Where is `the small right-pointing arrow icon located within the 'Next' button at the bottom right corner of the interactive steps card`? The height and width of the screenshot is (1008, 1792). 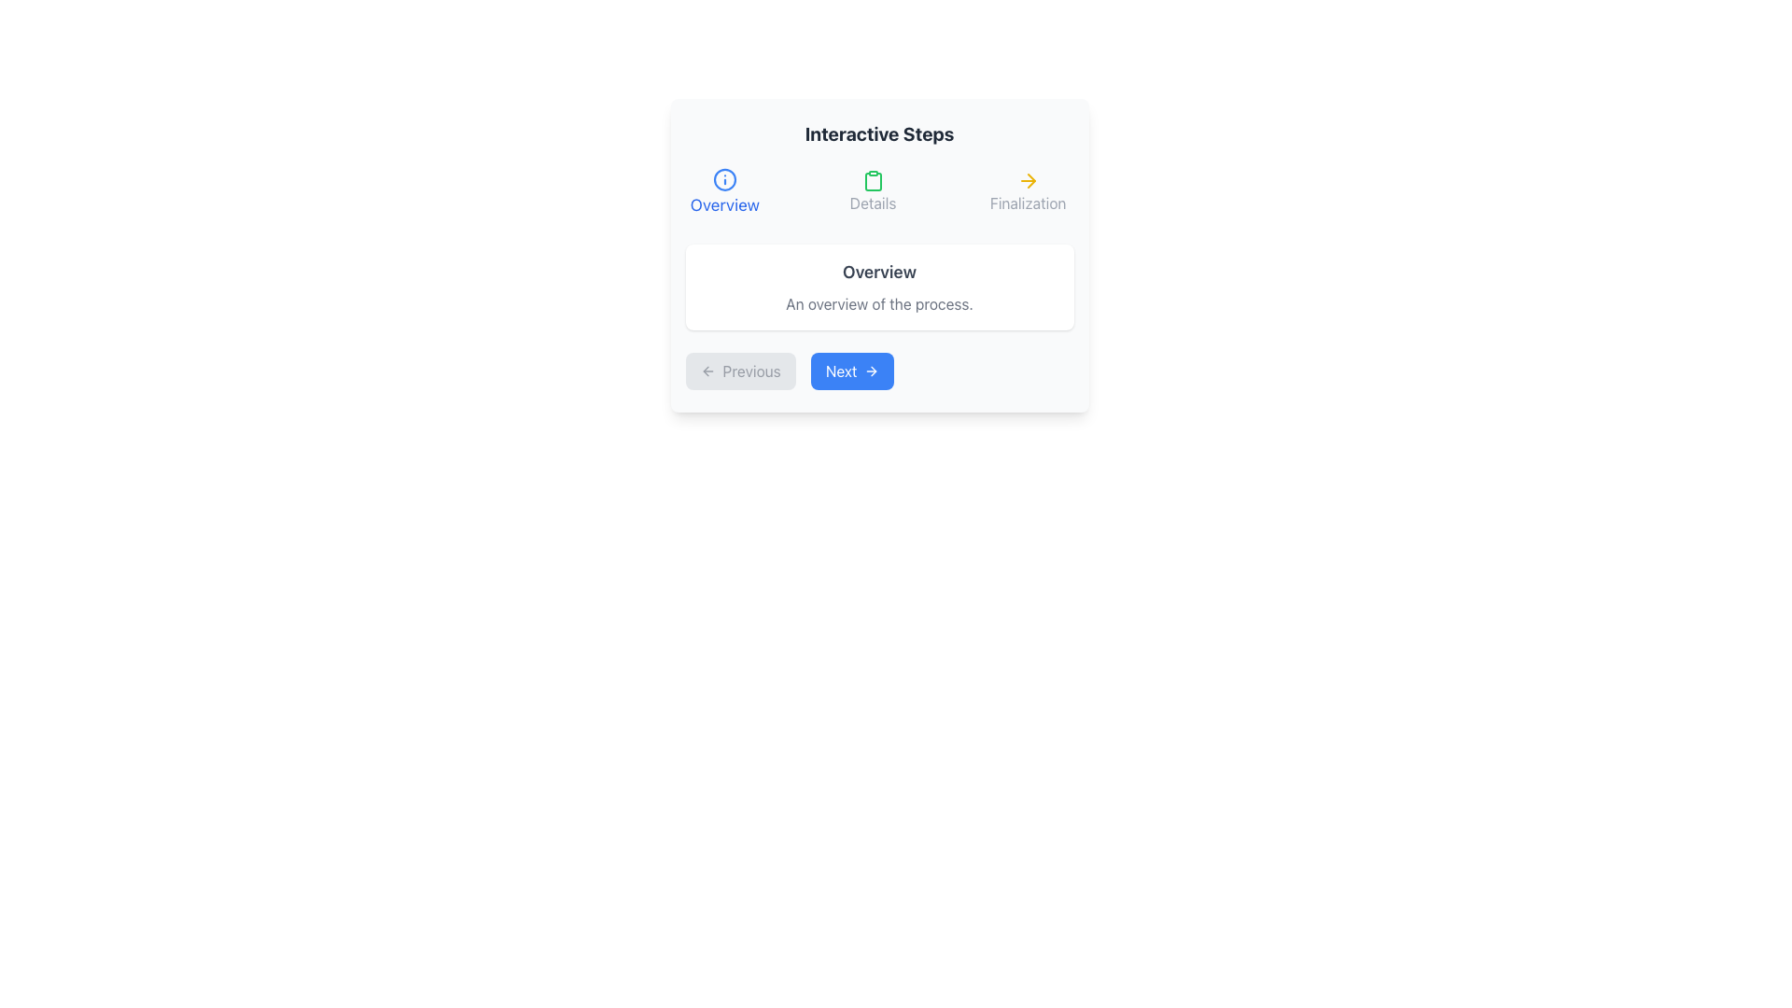 the small right-pointing arrow icon located within the 'Next' button at the bottom right corner of the interactive steps card is located at coordinates (871, 371).